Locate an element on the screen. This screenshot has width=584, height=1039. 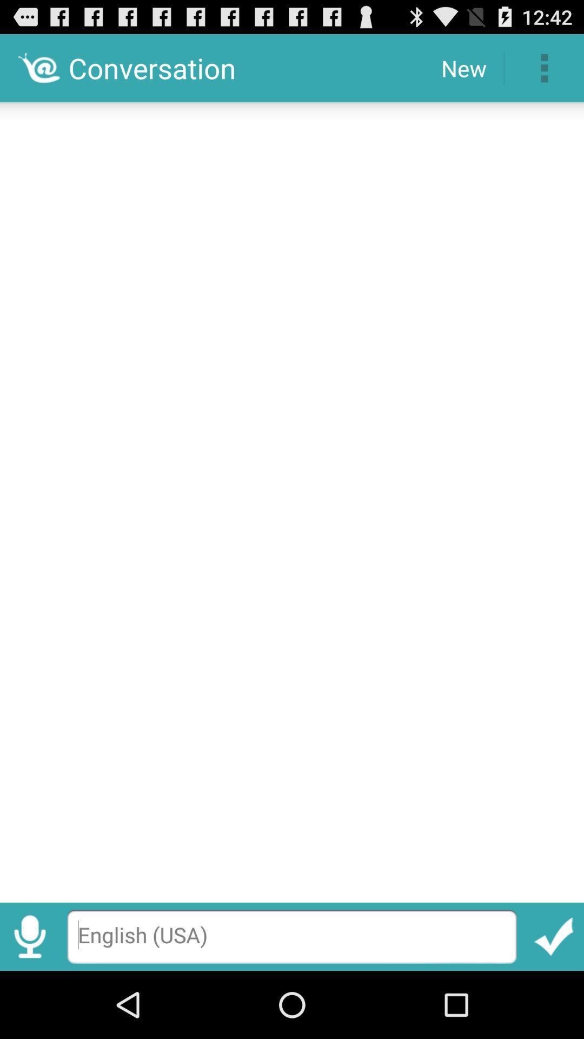
type message is located at coordinates (292, 936).